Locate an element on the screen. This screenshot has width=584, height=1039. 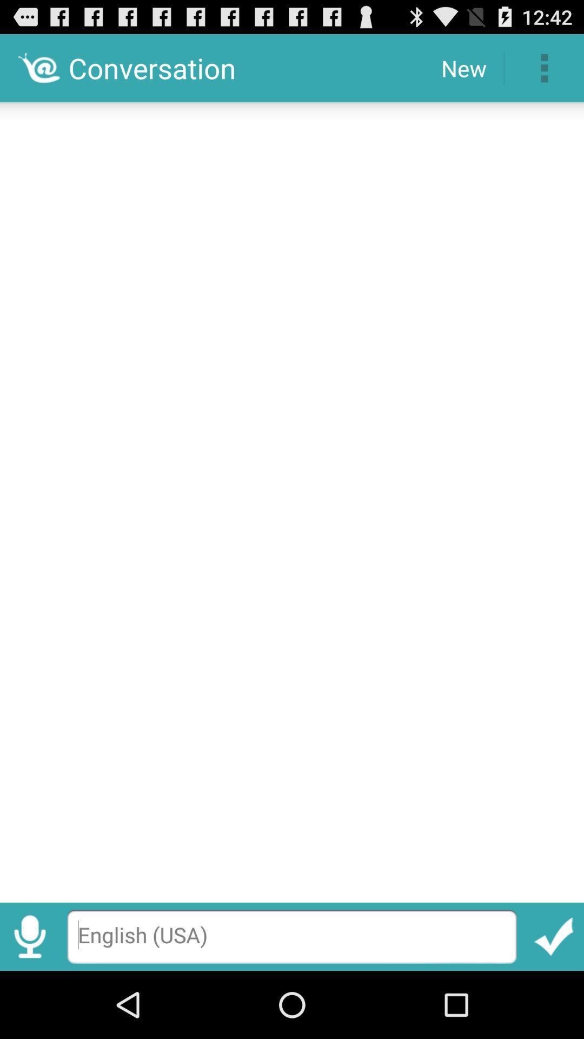
type message is located at coordinates (292, 936).